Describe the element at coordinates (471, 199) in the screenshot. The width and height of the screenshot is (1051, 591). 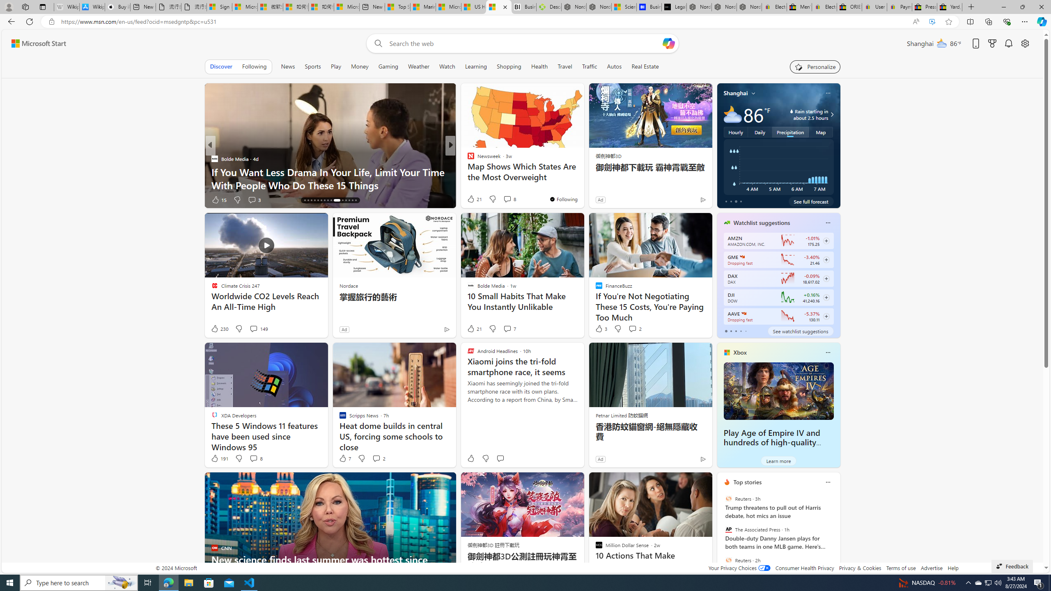
I see `'14 Like'` at that location.